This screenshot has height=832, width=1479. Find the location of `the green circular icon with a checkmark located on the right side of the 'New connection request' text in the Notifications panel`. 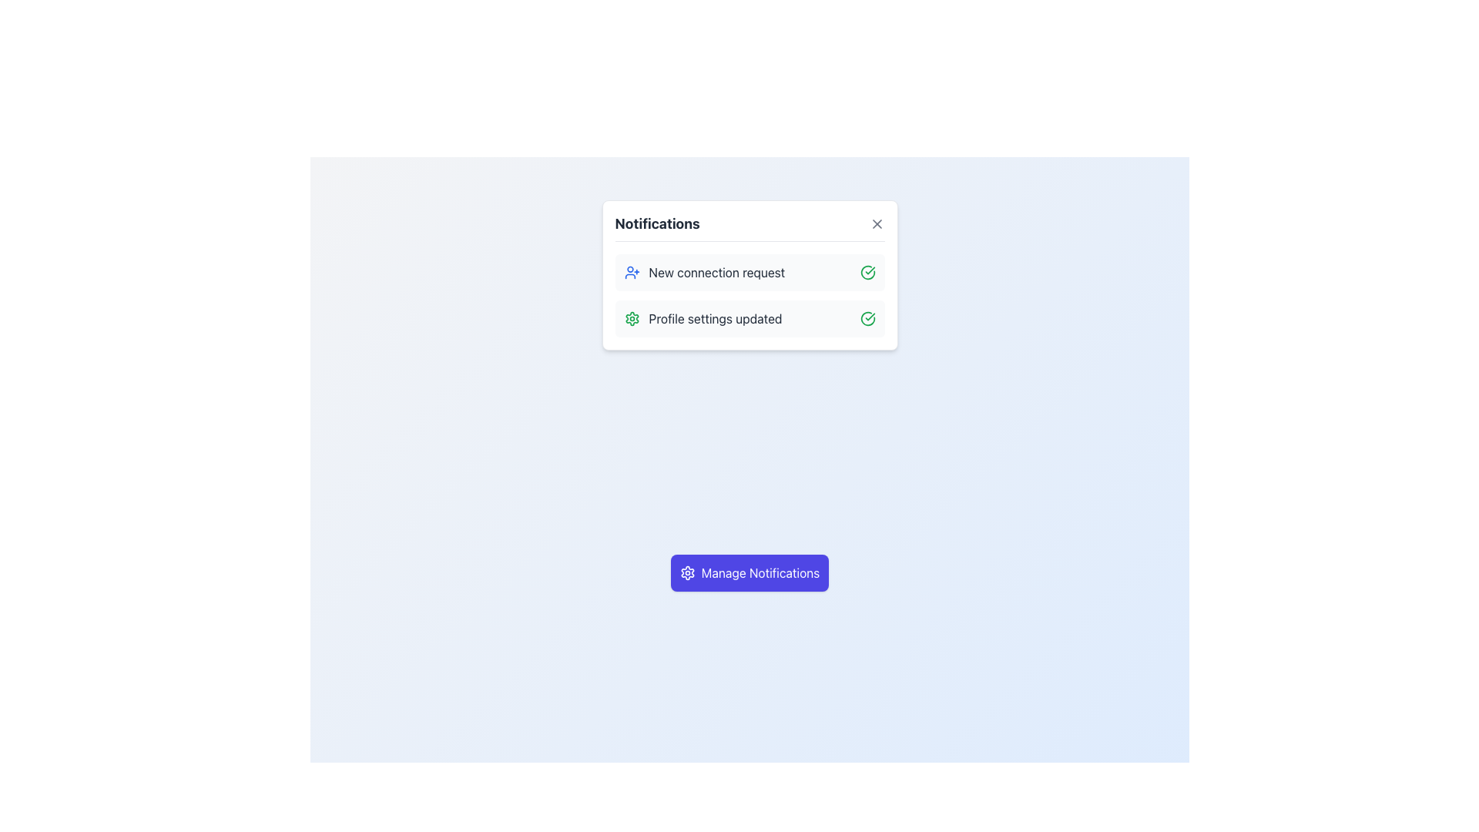

the green circular icon with a checkmark located on the right side of the 'New connection request' text in the Notifications panel is located at coordinates (867, 272).